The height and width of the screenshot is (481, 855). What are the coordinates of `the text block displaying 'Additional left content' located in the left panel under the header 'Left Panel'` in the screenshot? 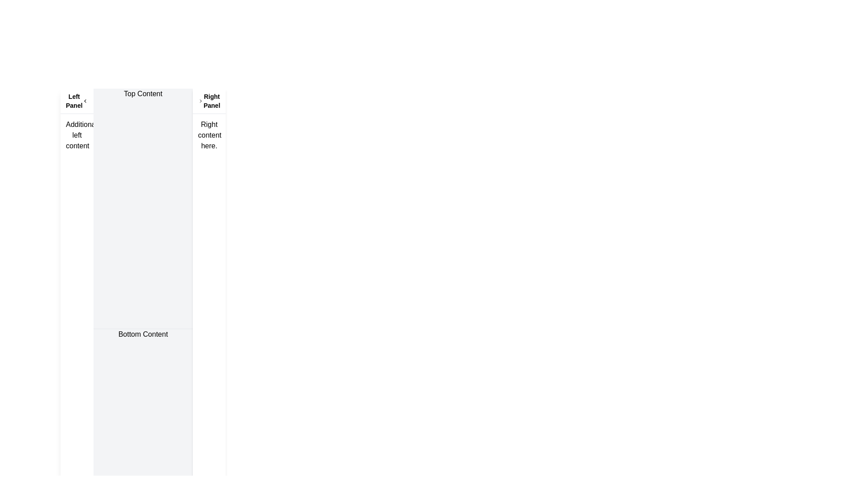 It's located at (77, 135).